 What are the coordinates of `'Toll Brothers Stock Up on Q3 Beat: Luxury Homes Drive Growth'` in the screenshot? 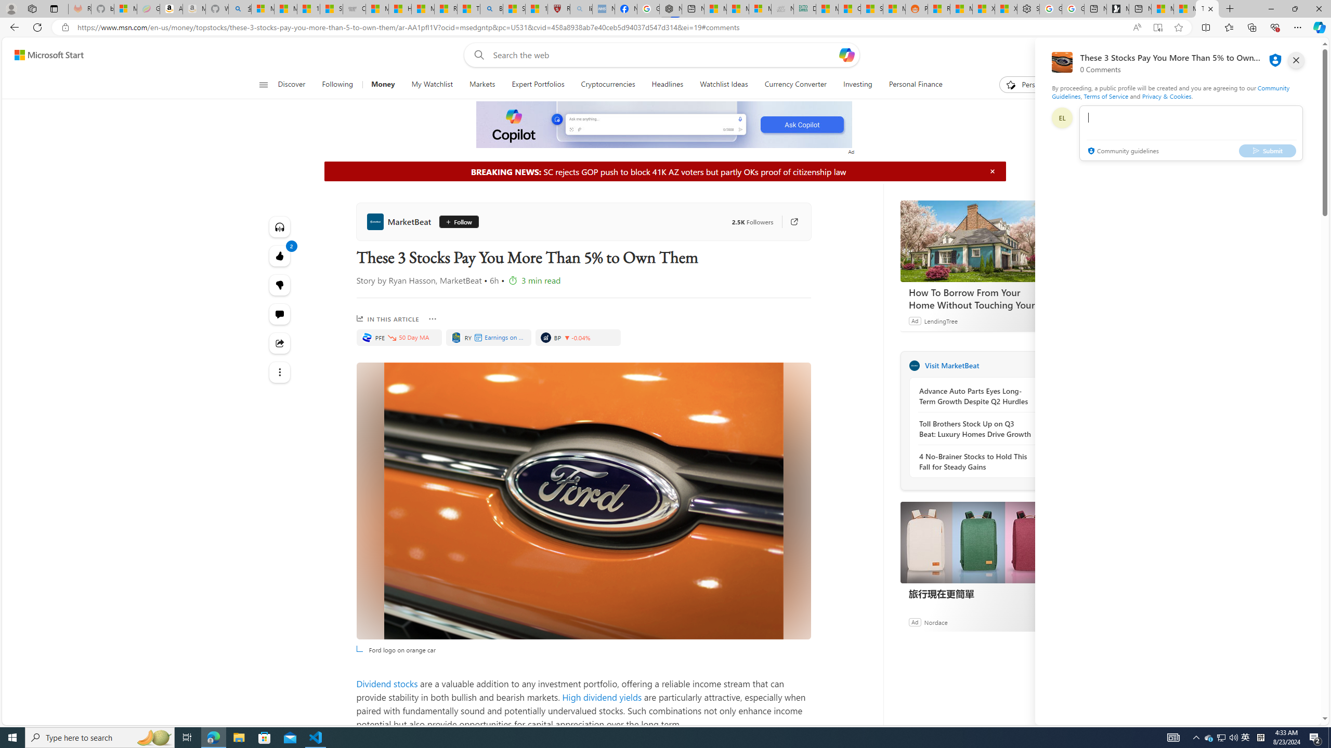 It's located at (975, 429).